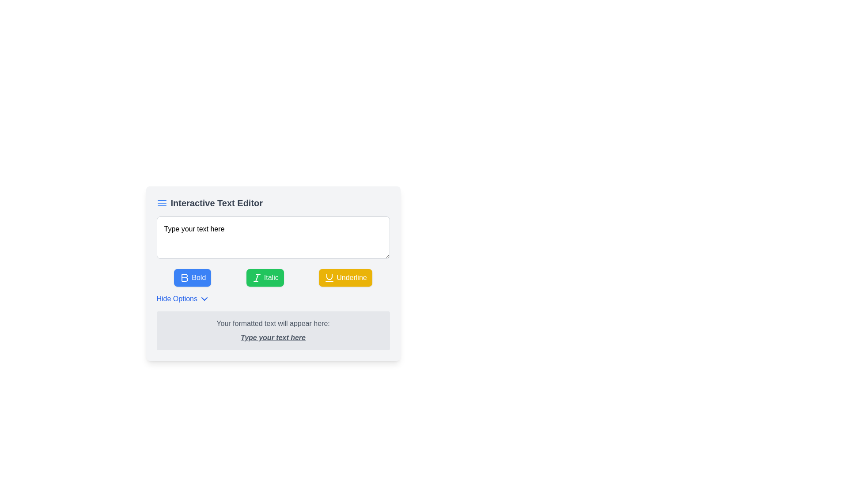 The width and height of the screenshot is (848, 477). I want to click on the central vertical line of the italic styling icon, which is surrounded by a green circular background in the toolbar under the text input field, so click(256, 277).